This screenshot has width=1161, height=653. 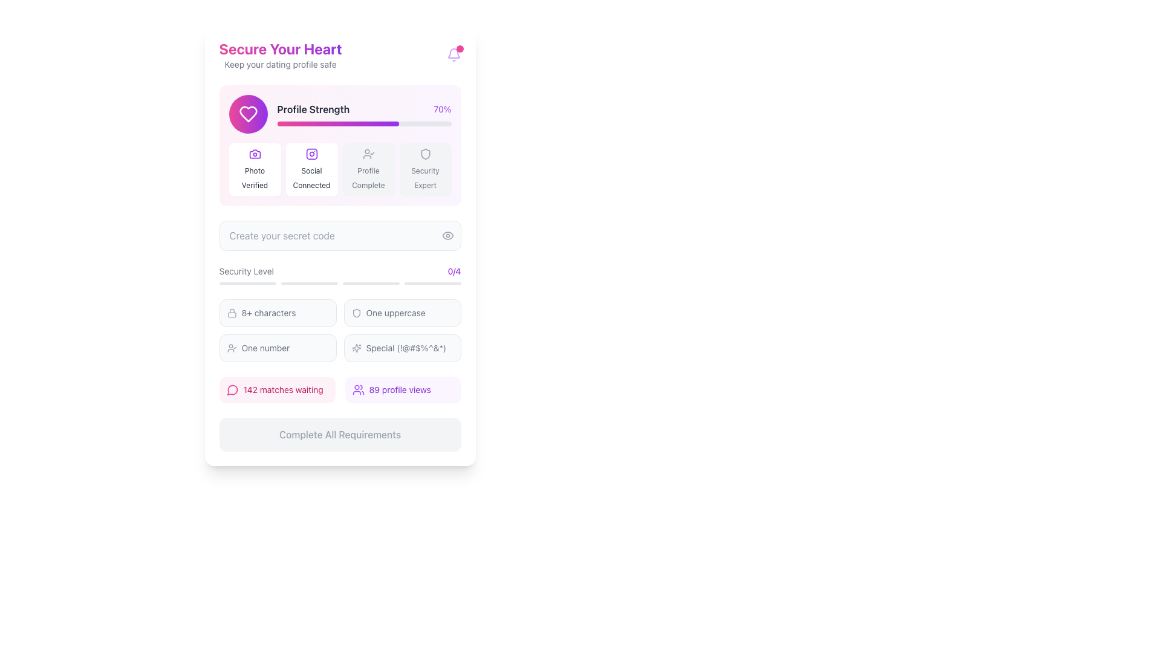 I want to click on the shield-shaped icon with a light gray outline, which is the fourth icon in a grid of four located below the 'Profile Strength' bar, so click(x=425, y=153).